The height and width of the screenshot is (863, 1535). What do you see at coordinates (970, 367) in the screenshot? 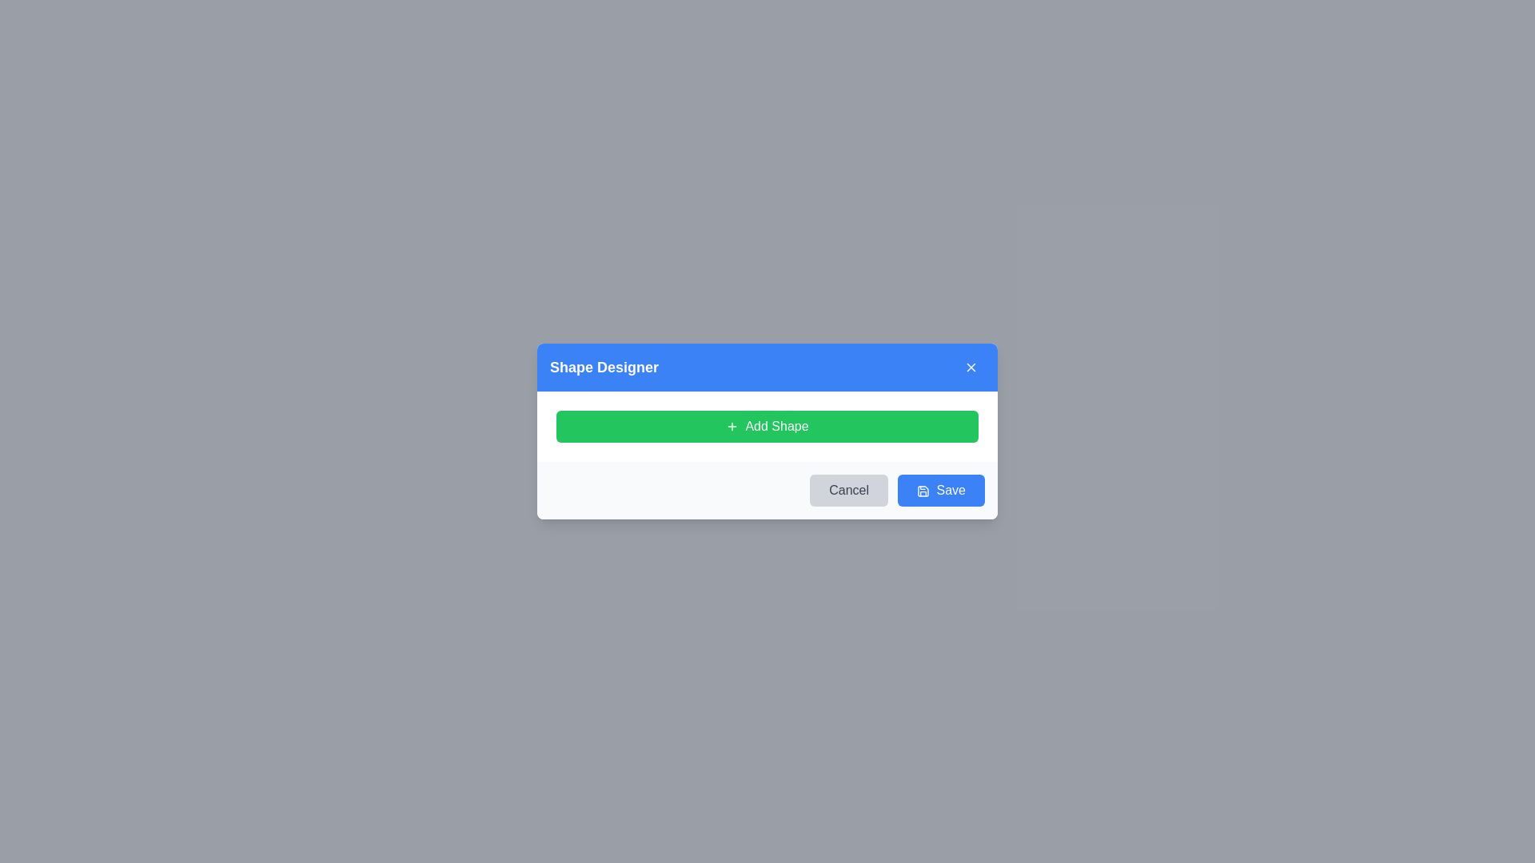
I see `the close icon located in the top right corner of the blue title bar of the 'Shape Designer' dialog` at bounding box center [970, 367].